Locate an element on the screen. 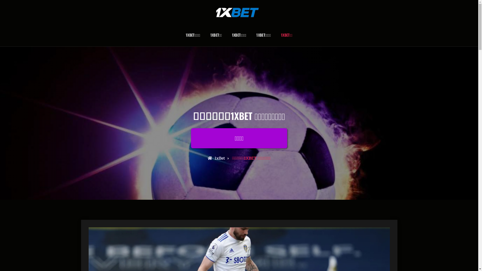  '1xBet' is located at coordinates (216, 158).